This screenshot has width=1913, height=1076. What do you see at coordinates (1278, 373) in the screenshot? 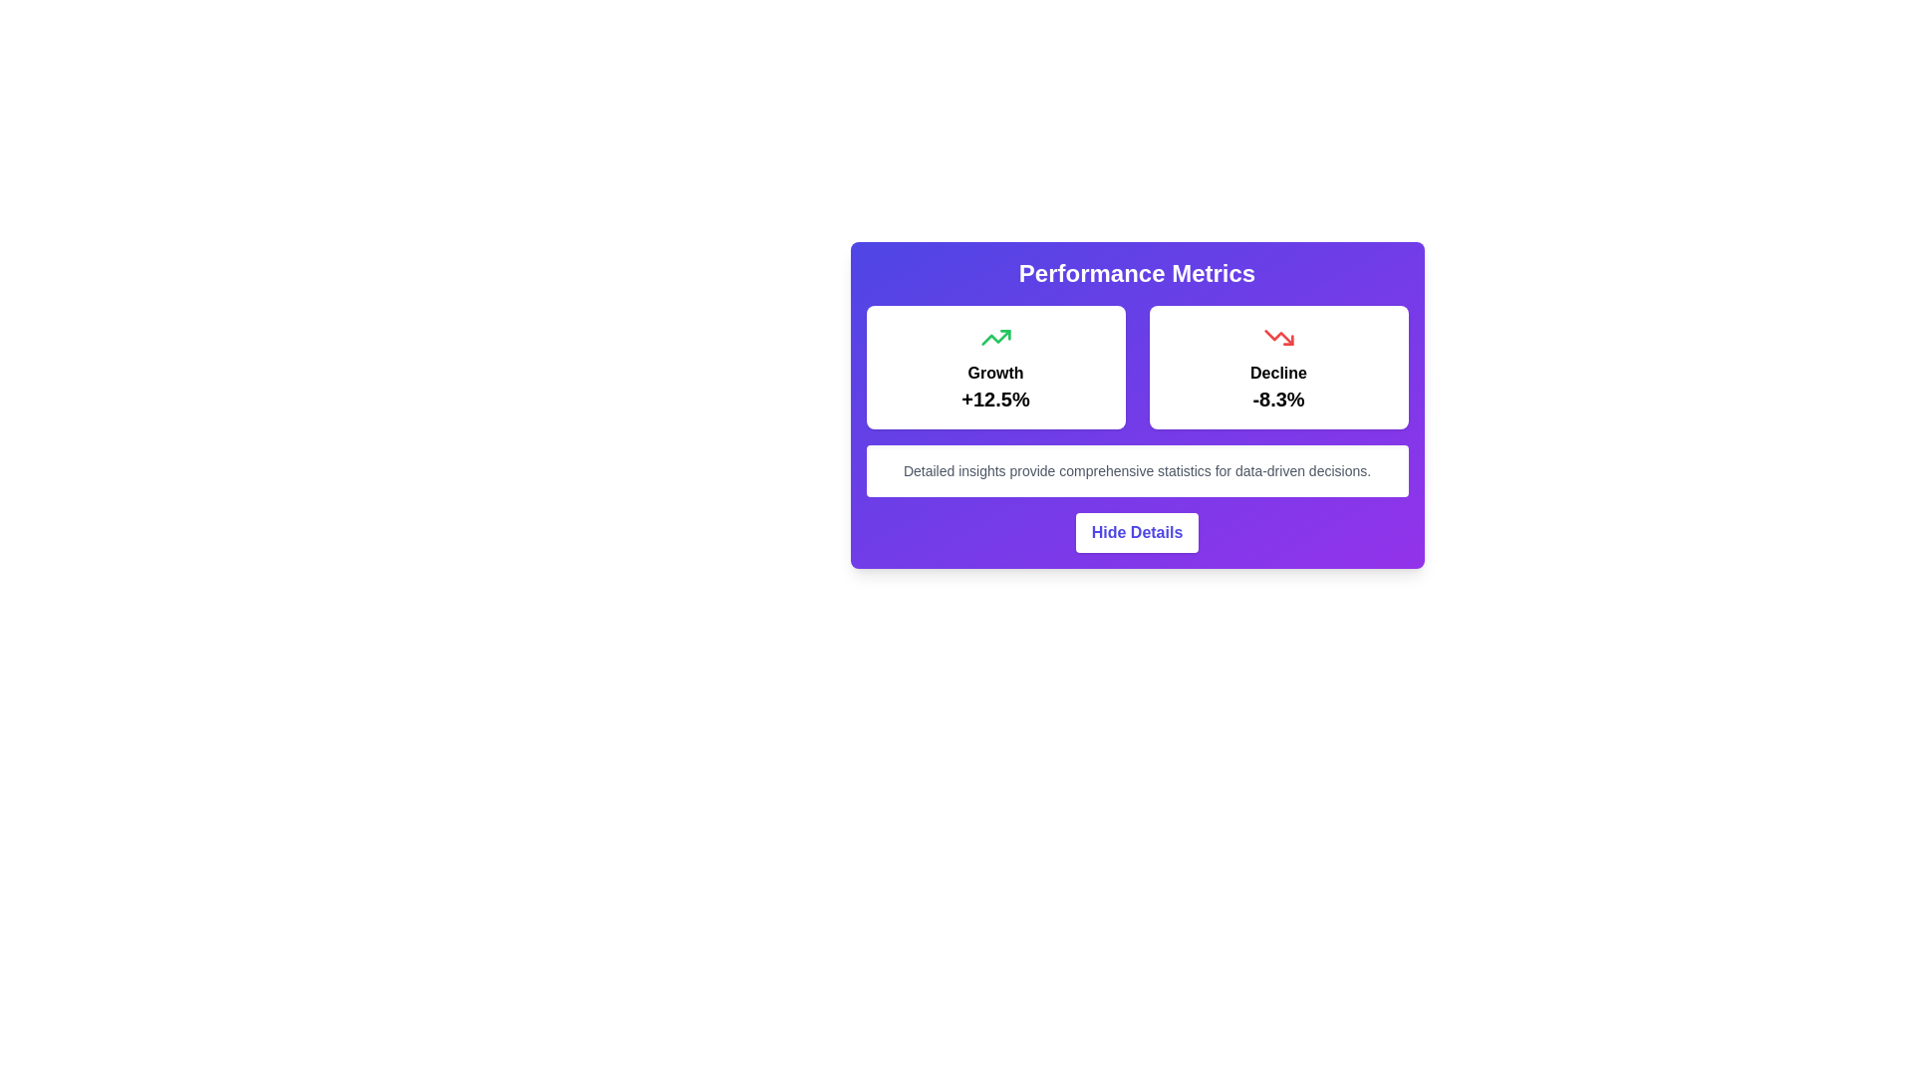
I see `the 'Decline' text element, which is displayed in bold font within the right card of a two-card layout, located at the top-right section above the text '-8.3%'` at bounding box center [1278, 373].